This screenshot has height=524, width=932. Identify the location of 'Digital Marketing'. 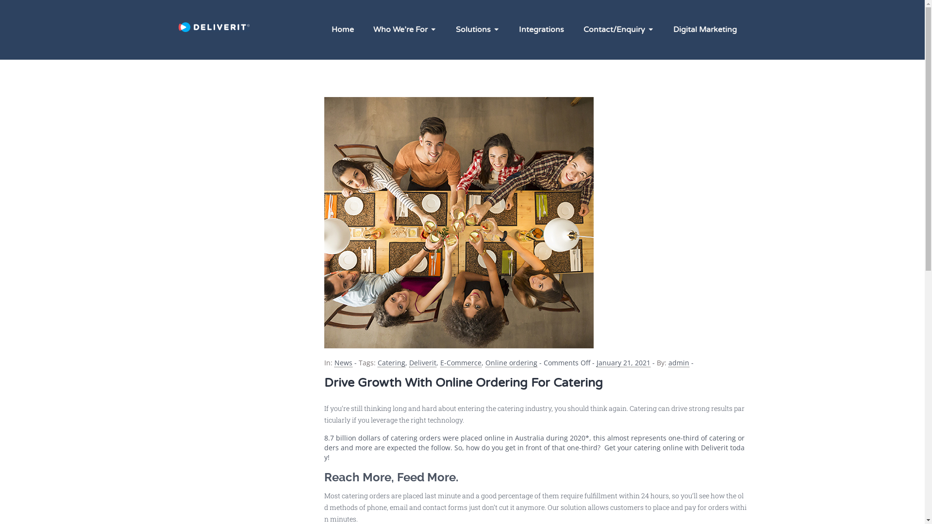
(663, 29).